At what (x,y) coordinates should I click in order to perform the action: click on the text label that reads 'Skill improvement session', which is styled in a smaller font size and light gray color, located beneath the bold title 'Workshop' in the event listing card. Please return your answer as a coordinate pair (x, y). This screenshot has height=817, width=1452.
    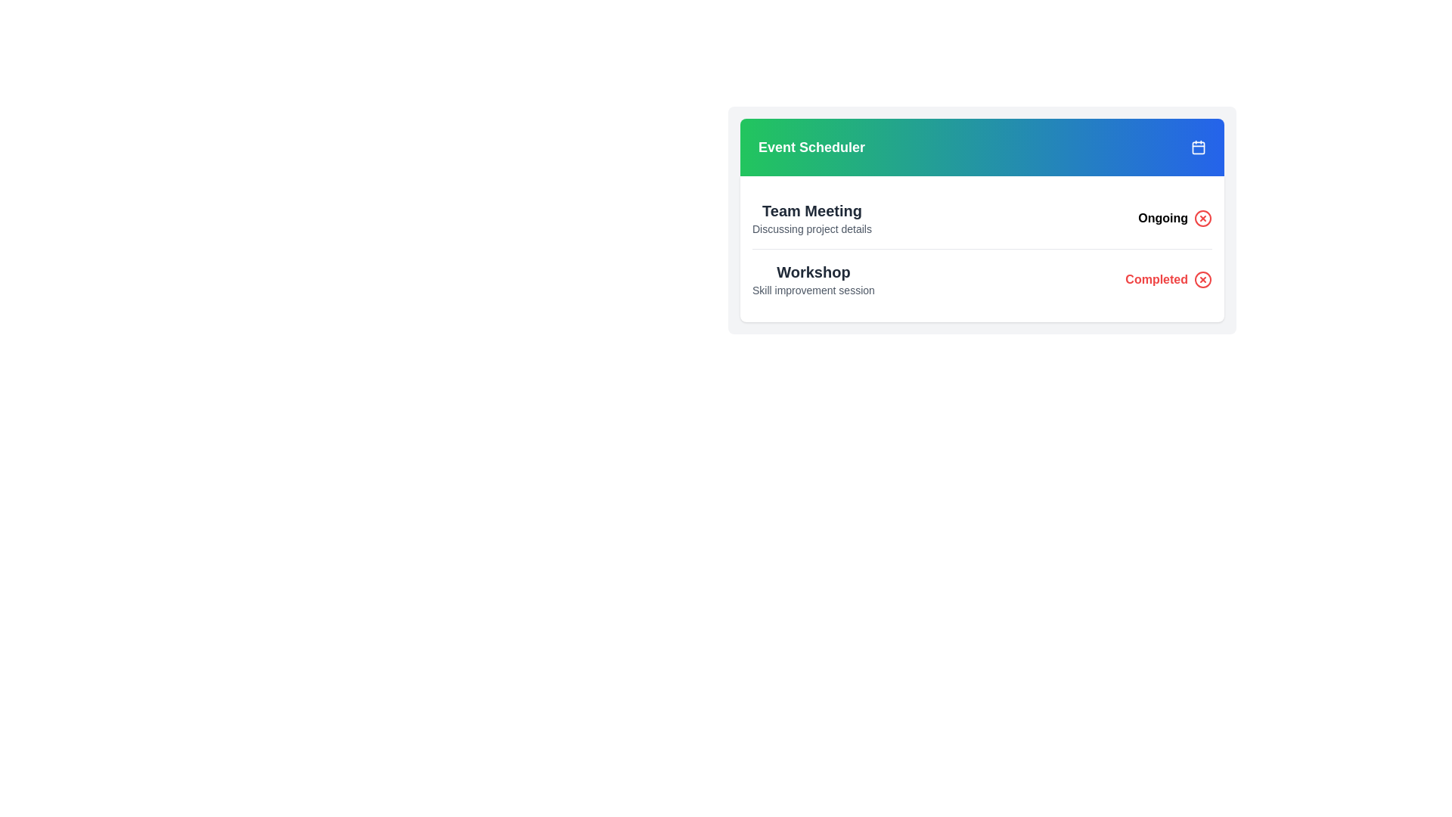
    Looking at the image, I should click on (812, 290).